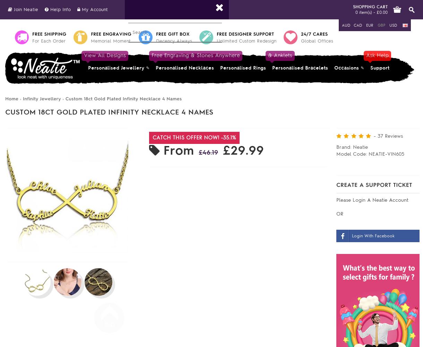  Describe the element at coordinates (393, 136) in the screenshot. I see `'Reviews'` at that location.